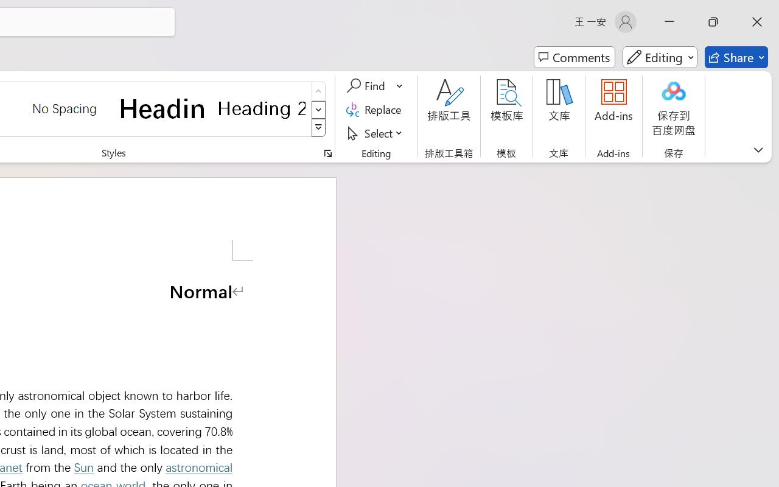  Describe the element at coordinates (318, 109) in the screenshot. I see `'Row Down'` at that location.